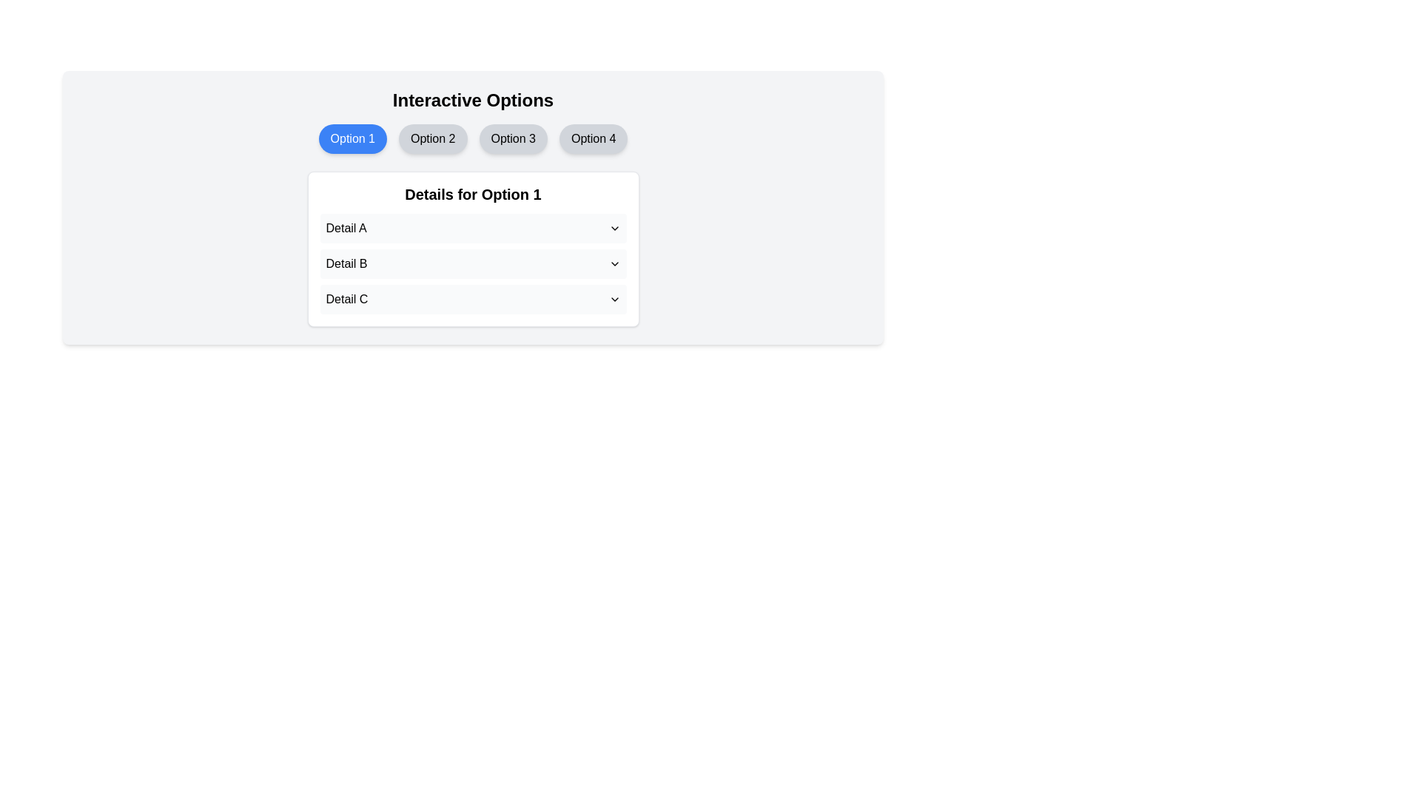  What do you see at coordinates (614, 263) in the screenshot?
I see `the small downward-pointing chevron arrow that serves as the Dropdown Indicator, located to the right of the 'Detail B' text within the 'Details for Option 1' section` at bounding box center [614, 263].